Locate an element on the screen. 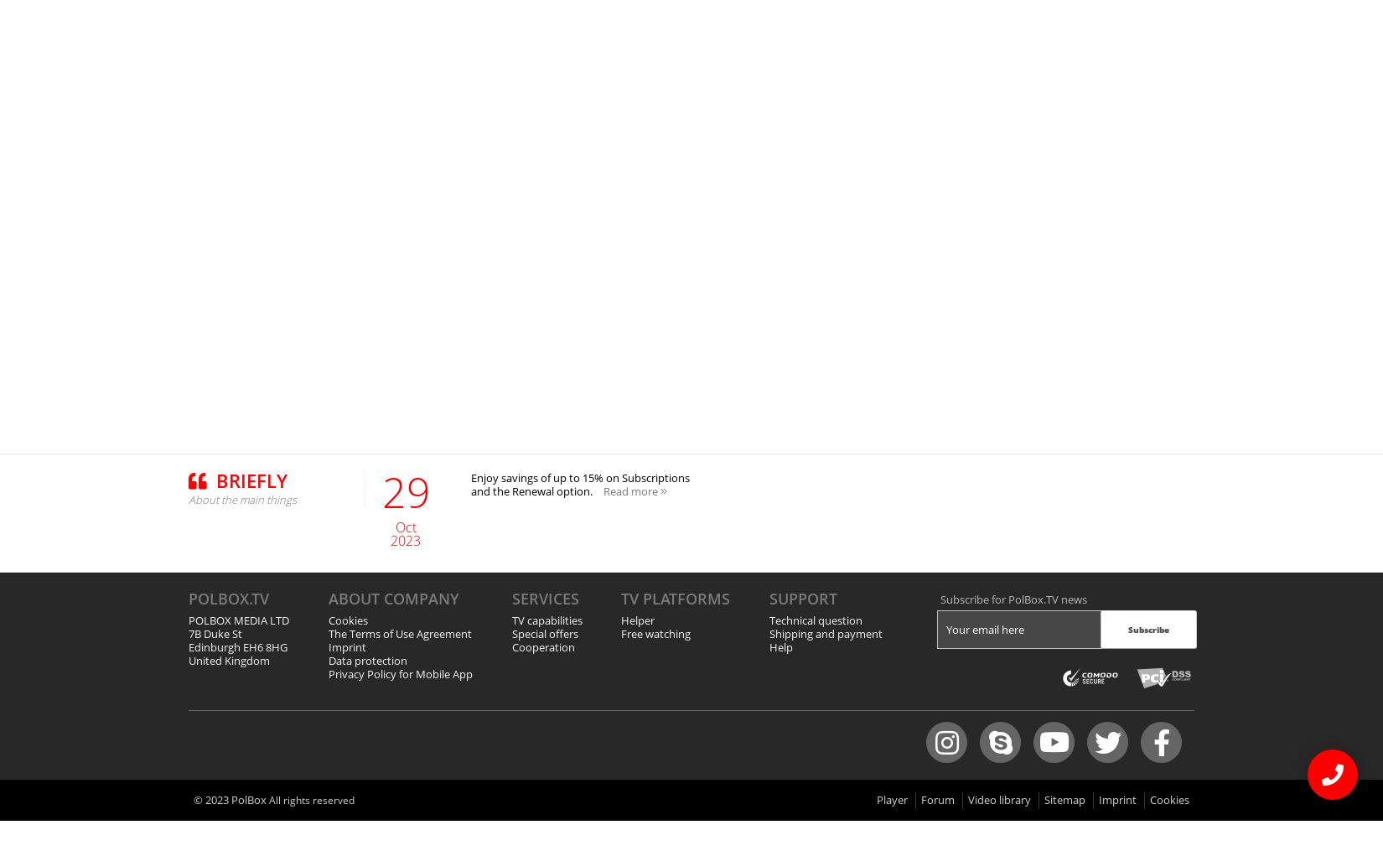  'Subscribe for PolBox.TV news' is located at coordinates (1013, 599).